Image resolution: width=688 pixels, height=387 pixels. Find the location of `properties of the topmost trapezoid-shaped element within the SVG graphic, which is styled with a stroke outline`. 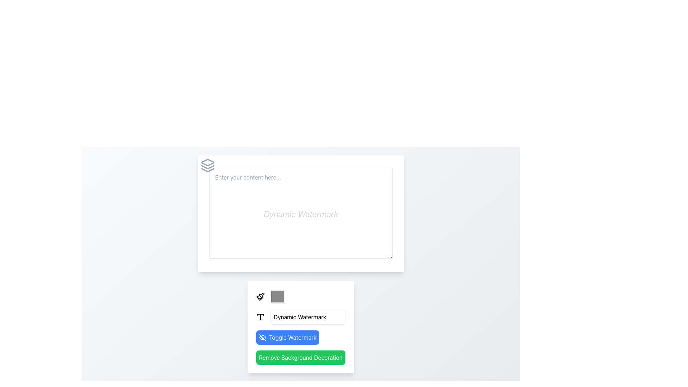

properties of the topmost trapezoid-shaped element within the SVG graphic, which is styled with a stroke outline is located at coordinates (260, 314).